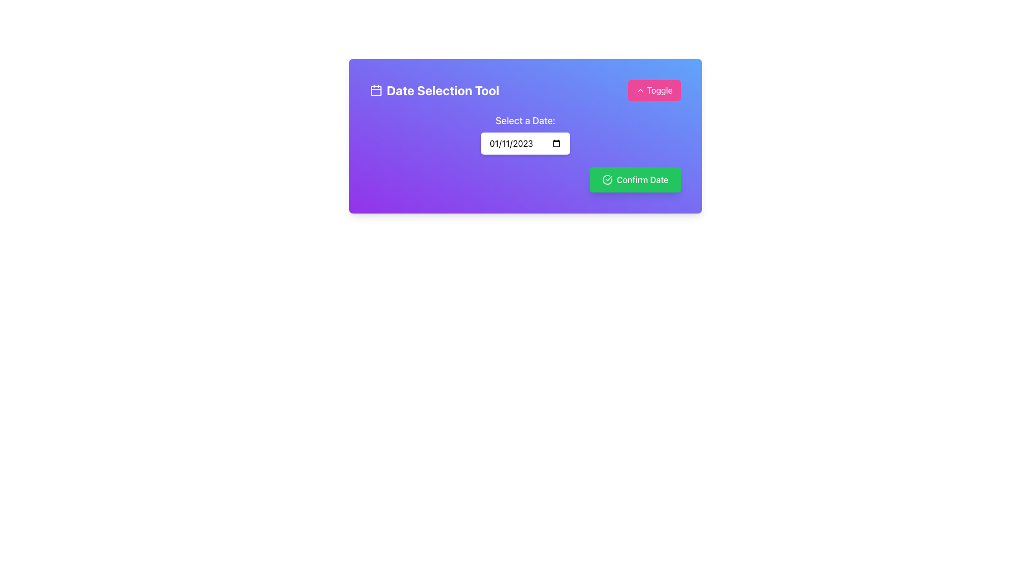 The width and height of the screenshot is (1009, 568). What do you see at coordinates (376, 90) in the screenshot?
I see `the calendar-like icon with a minimalistic stroke design, located in the header section of the widget, to the left of the 'Date Selection Tool' text` at bounding box center [376, 90].